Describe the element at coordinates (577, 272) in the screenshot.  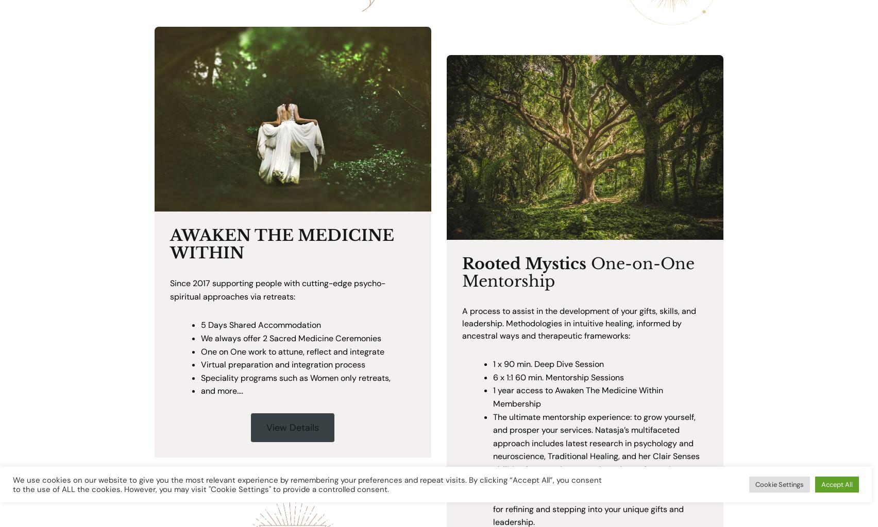
I see `'One-on-One Mentorship'` at that location.